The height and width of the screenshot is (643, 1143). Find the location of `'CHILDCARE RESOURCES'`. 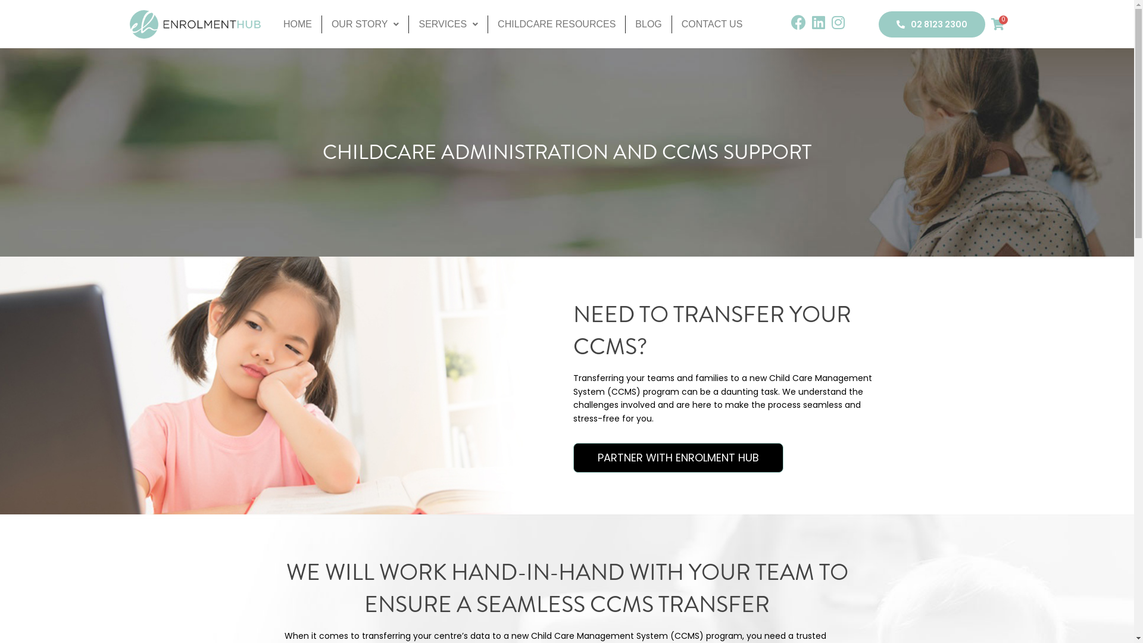

'CHILDCARE RESOURCES' is located at coordinates (556, 24).